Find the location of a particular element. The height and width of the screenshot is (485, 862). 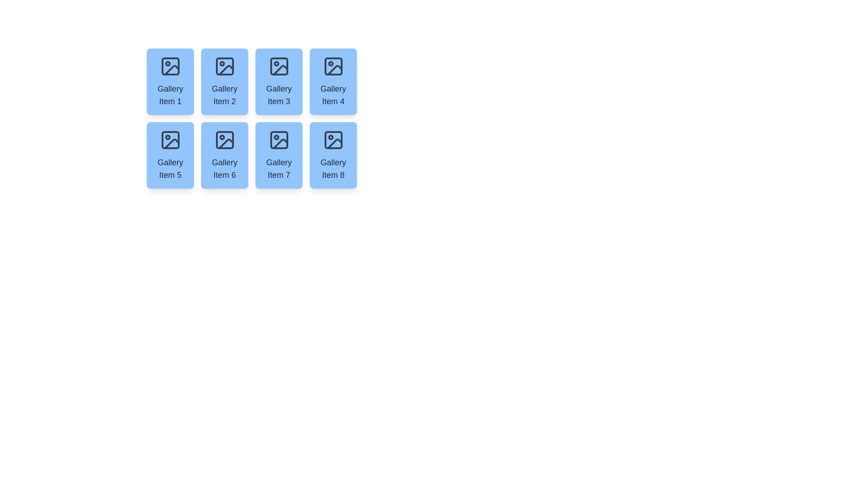

the text label that indicates the identifier or name of the gallery item within 'Gallery Item 3', positioned centrally below the displayed icon is located at coordinates (278, 95).